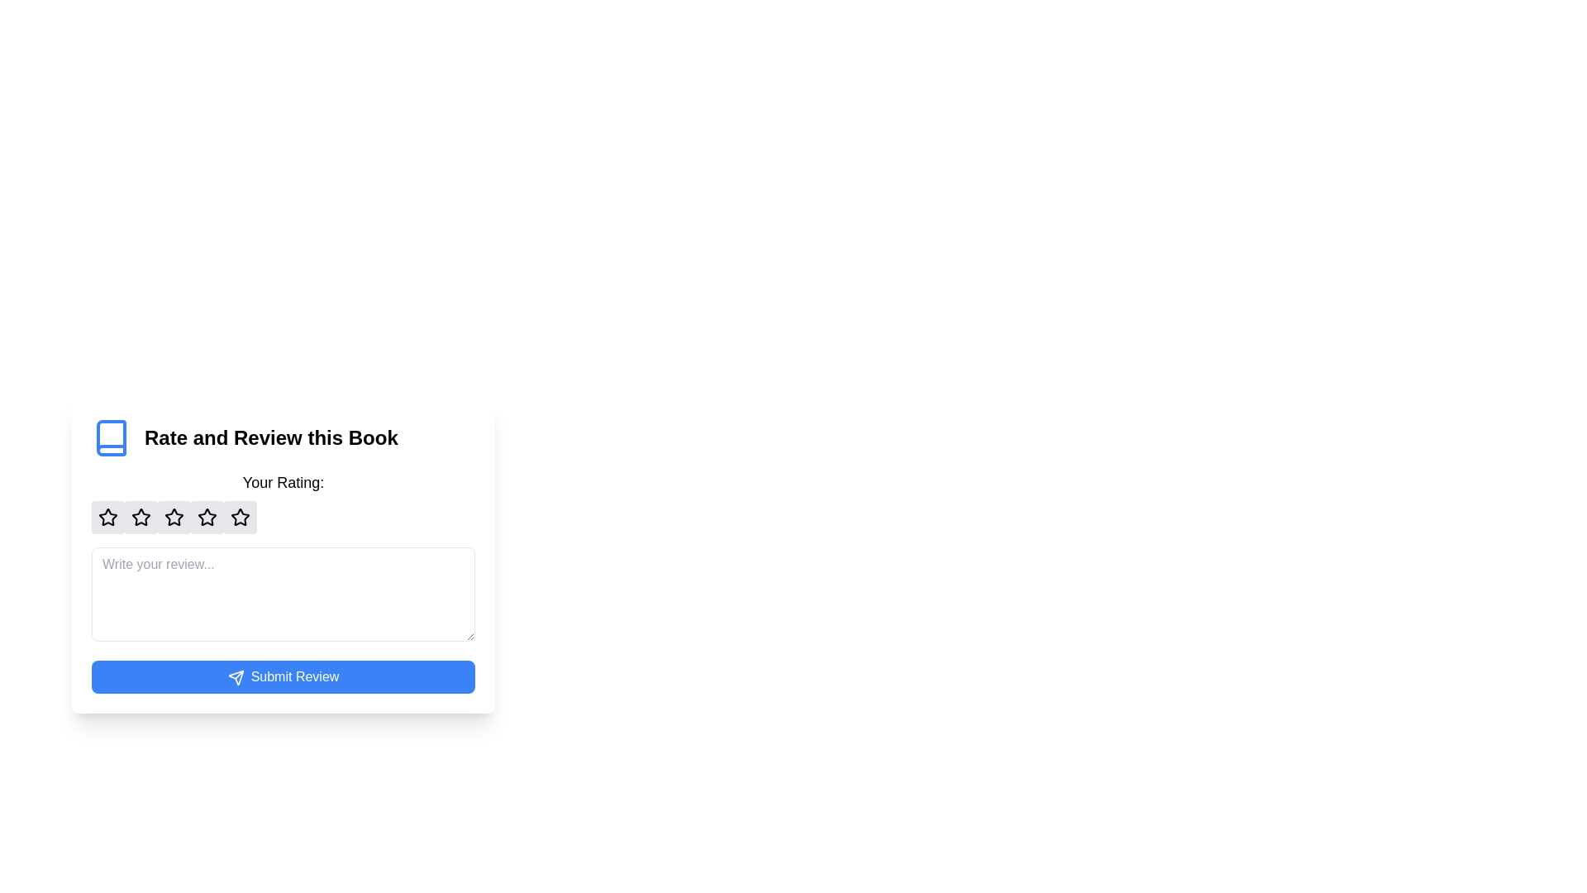  I want to click on the second star in the rating system located beneath the heading 'Your Rating:', so click(174, 516).